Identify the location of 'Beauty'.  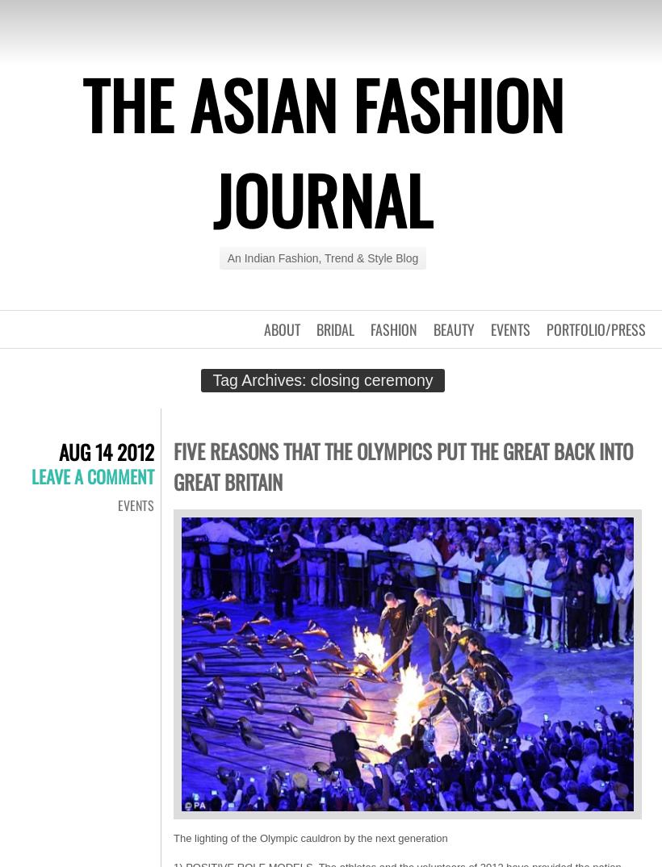
(433, 329).